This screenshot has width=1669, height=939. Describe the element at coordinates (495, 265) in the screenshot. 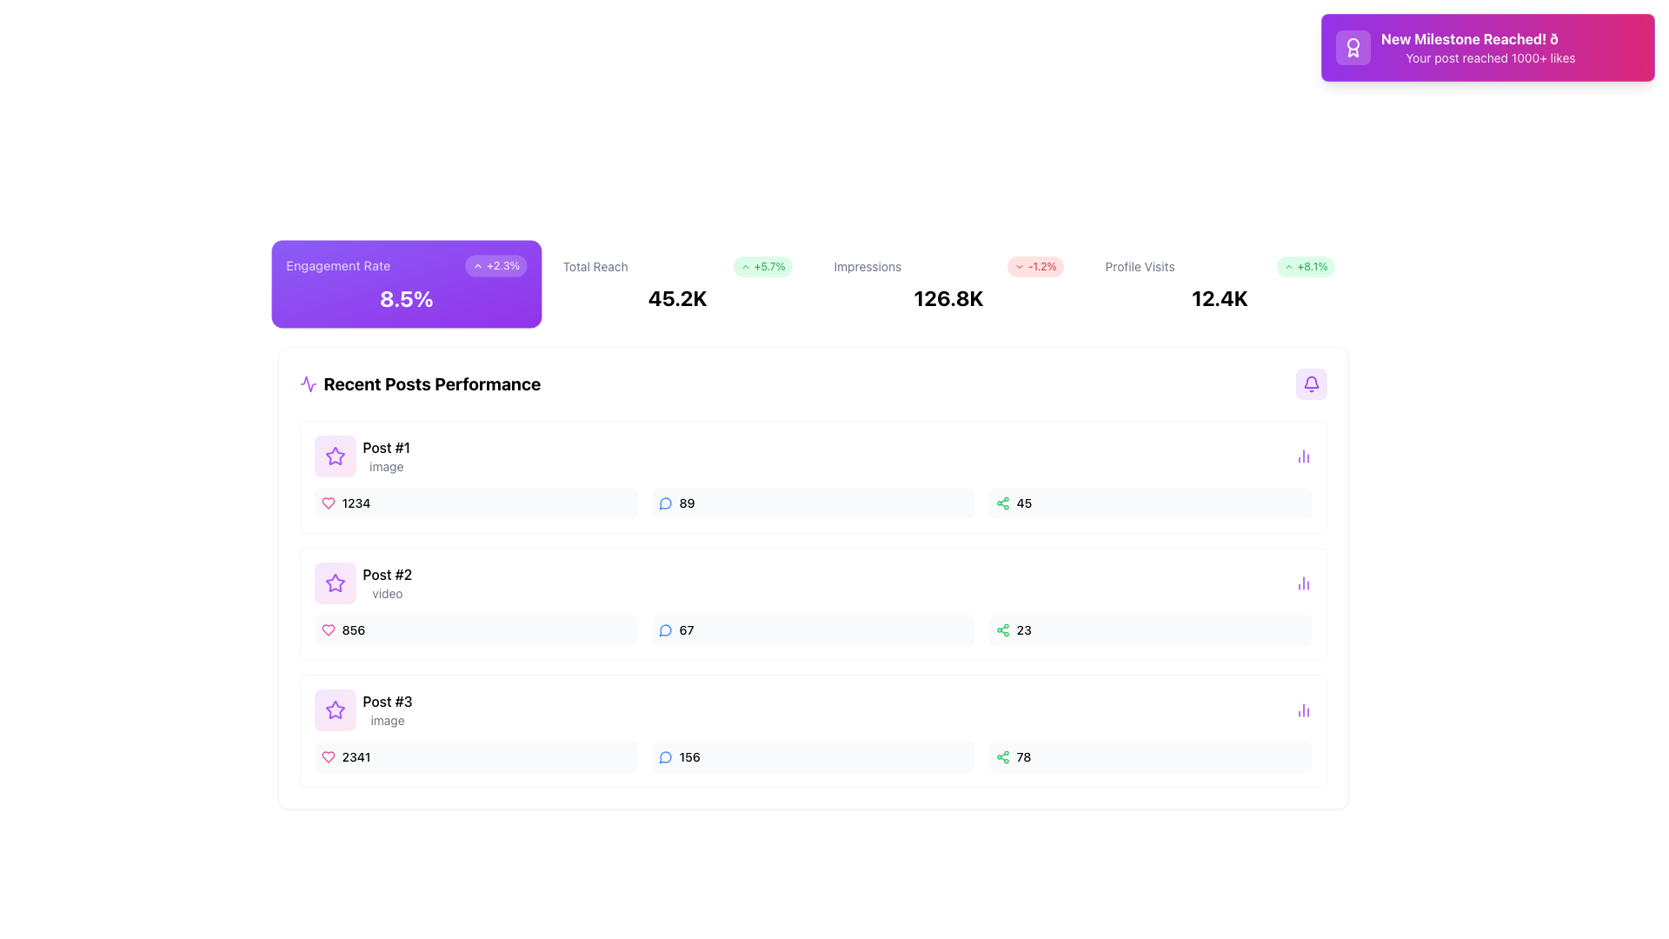

I see `the Icon and Text Label indicating the percentage value change in the 'Engagement Rate' section to access further details about engagement metrics` at that location.